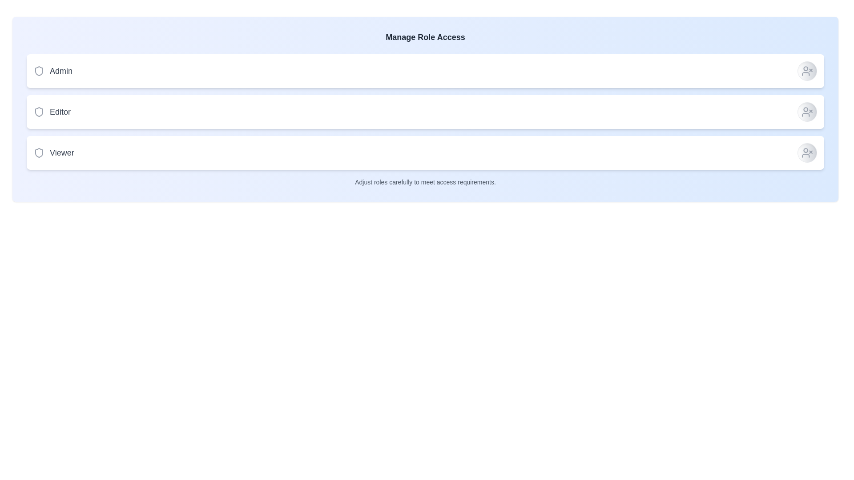 The image size is (854, 480). What do you see at coordinates (806, 68) in the screenshot?
I see `the visual indicator represented by the circular icon located in the rightmost section of the top row of components` at bounding box center [806, 68].